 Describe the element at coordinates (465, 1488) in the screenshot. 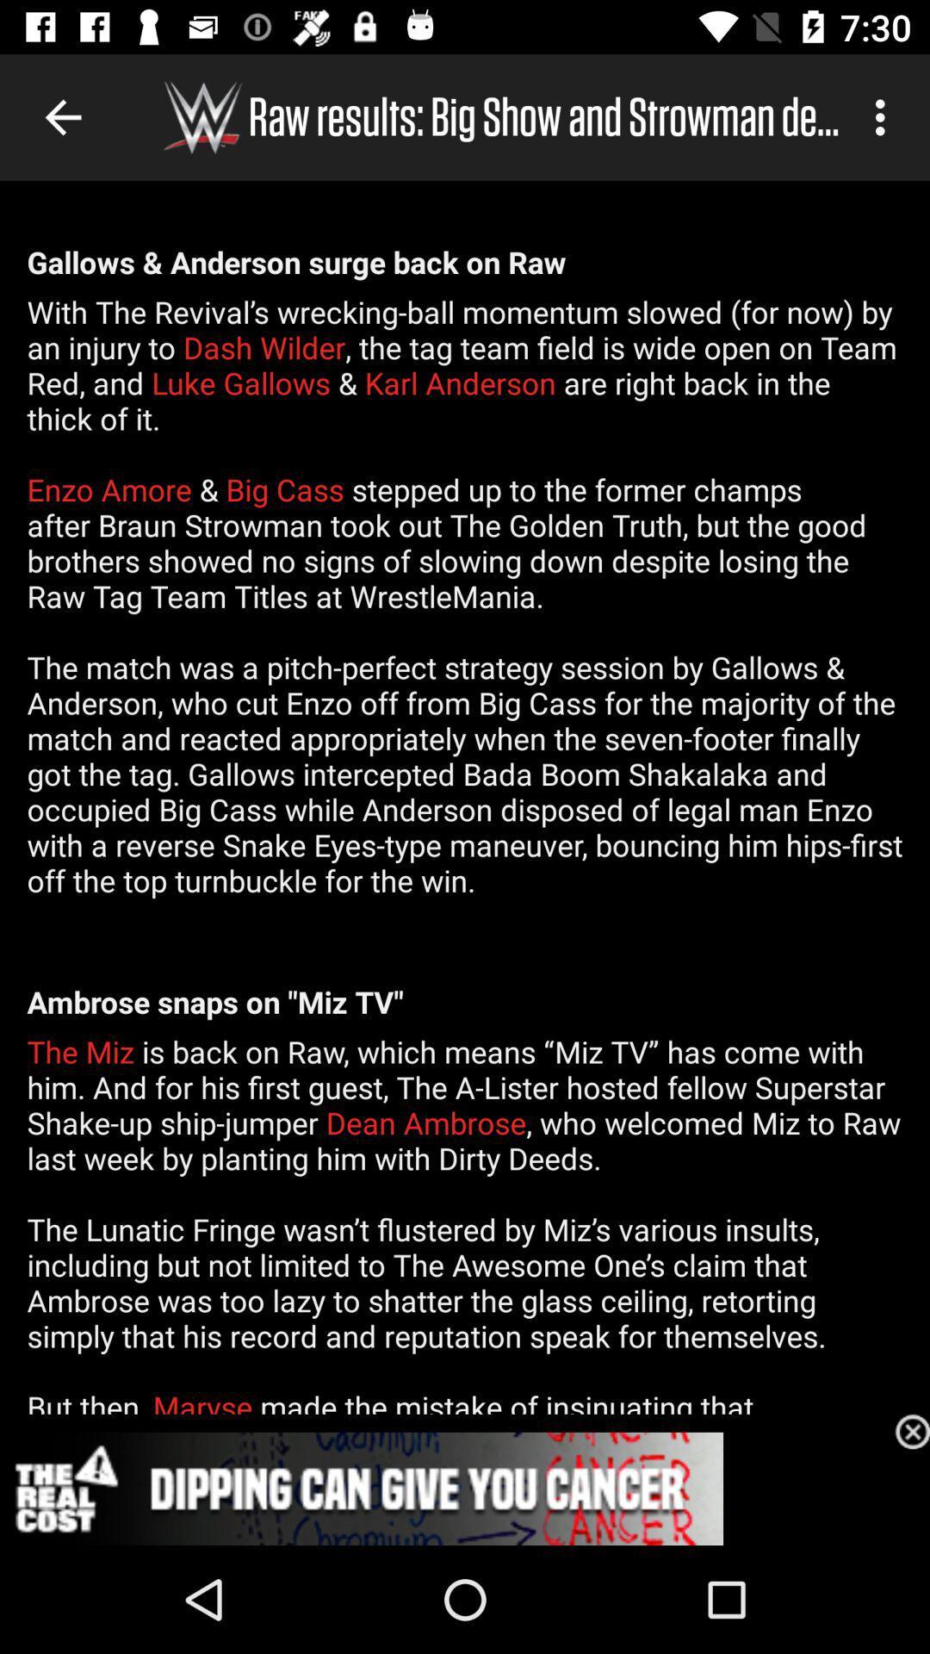

I see `advertisement` at that location.